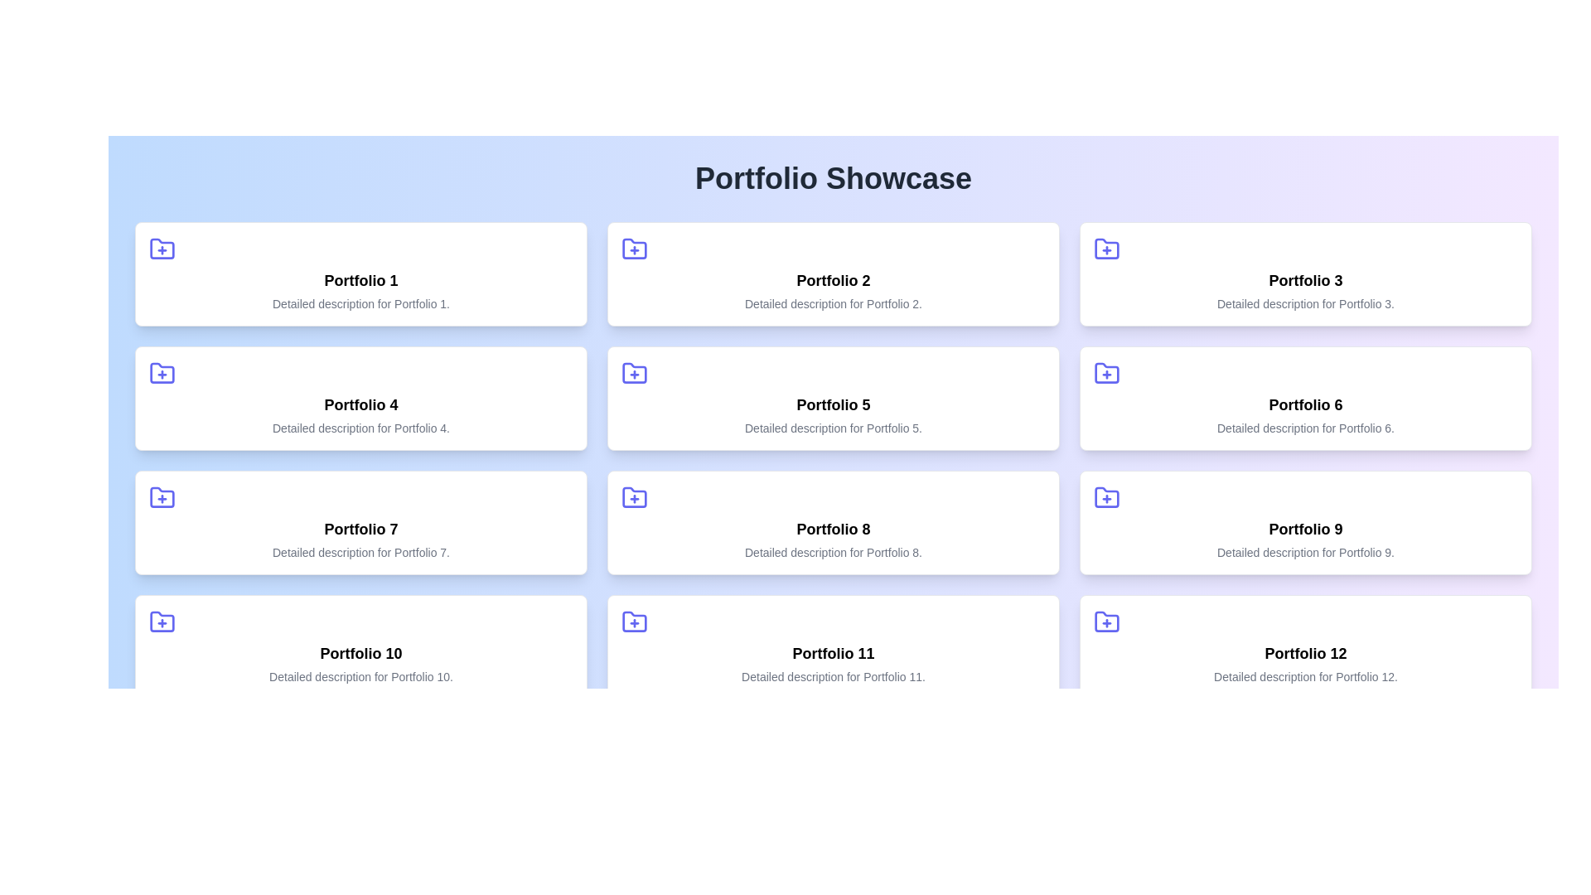 The width and height of the screenshot is (1591, 895). Describe the element at coordinates (1106, 373) in the screenshot. I see `the folder icon with a blue outline located in the top-left corner of the 'Portfolio 6' section` at that location.